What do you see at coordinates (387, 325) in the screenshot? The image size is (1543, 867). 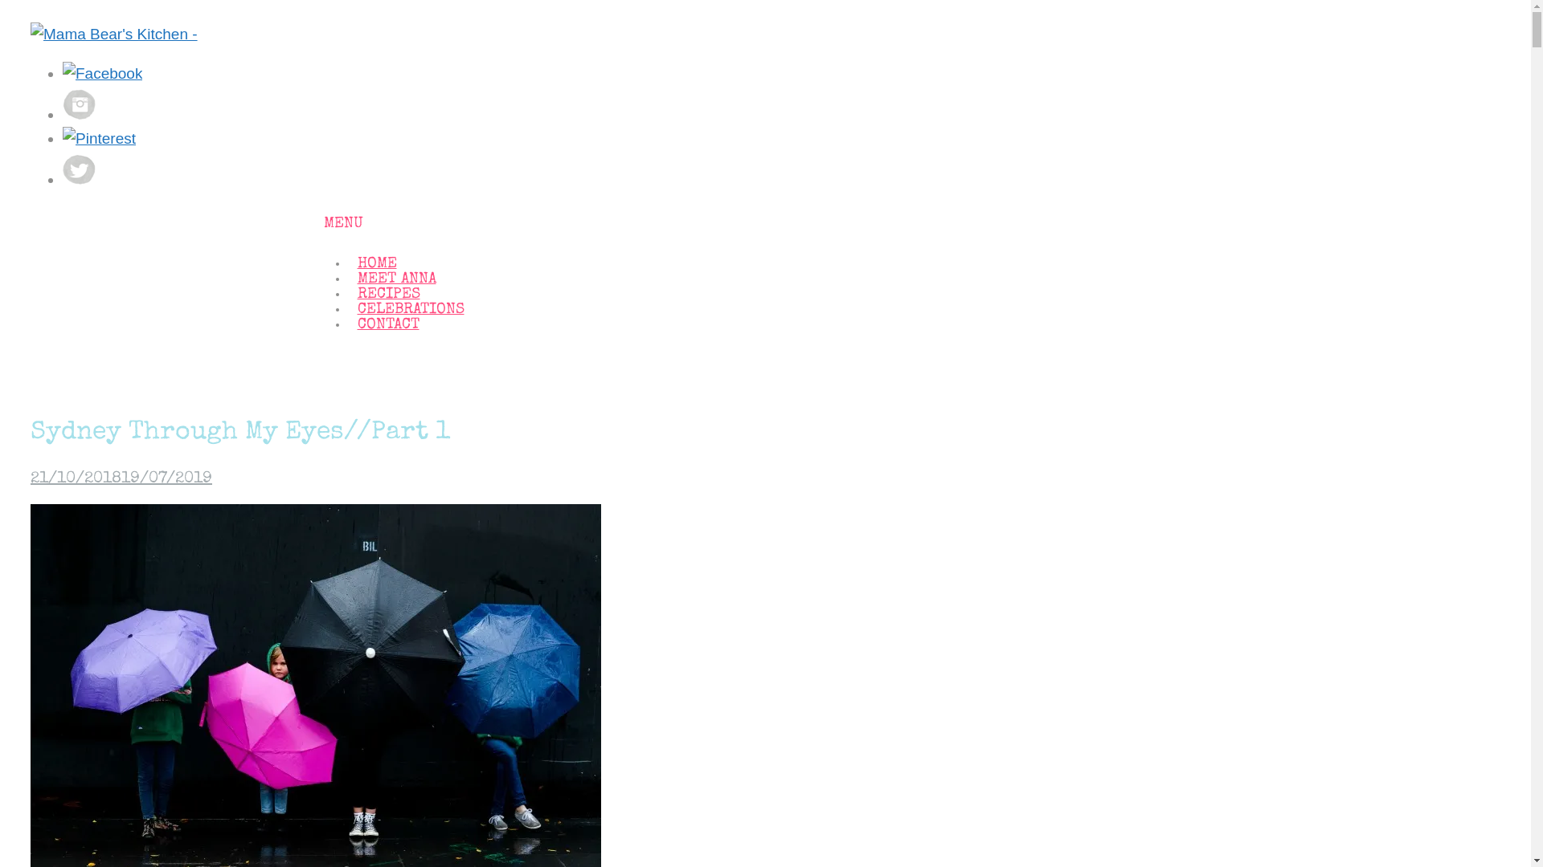 I see `'CONTACT'` at bounding box center [387, 325].